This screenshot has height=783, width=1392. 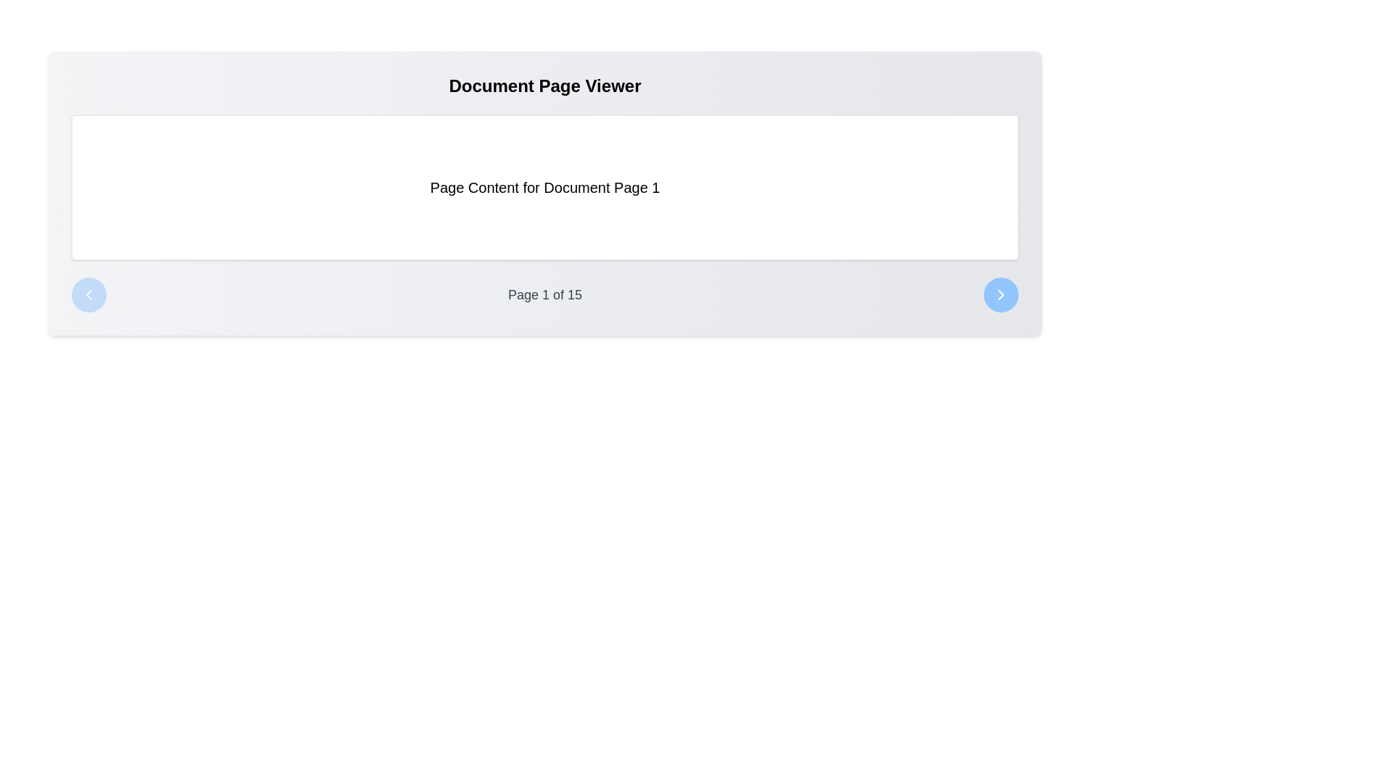 I want to click on the pagination navigation button located at the far right of the interface, so click(x=1000, y=294).